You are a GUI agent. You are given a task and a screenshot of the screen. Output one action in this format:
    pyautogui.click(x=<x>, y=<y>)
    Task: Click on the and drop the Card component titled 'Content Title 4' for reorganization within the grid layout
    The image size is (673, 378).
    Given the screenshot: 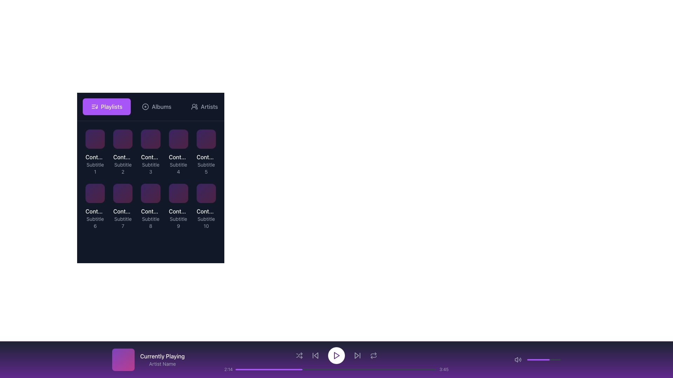 What is the action you would take?
    pyautogui.click(x=178, y=152)
    